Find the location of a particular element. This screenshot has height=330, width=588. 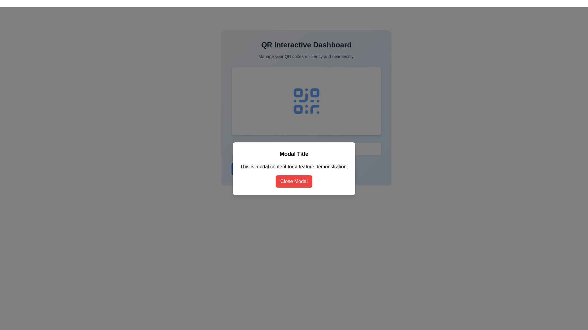

the 'Close Modal' button, which is a rectangular button with a red background and white text, located at the bottom of the modal window is located at coordinates (294, 181).